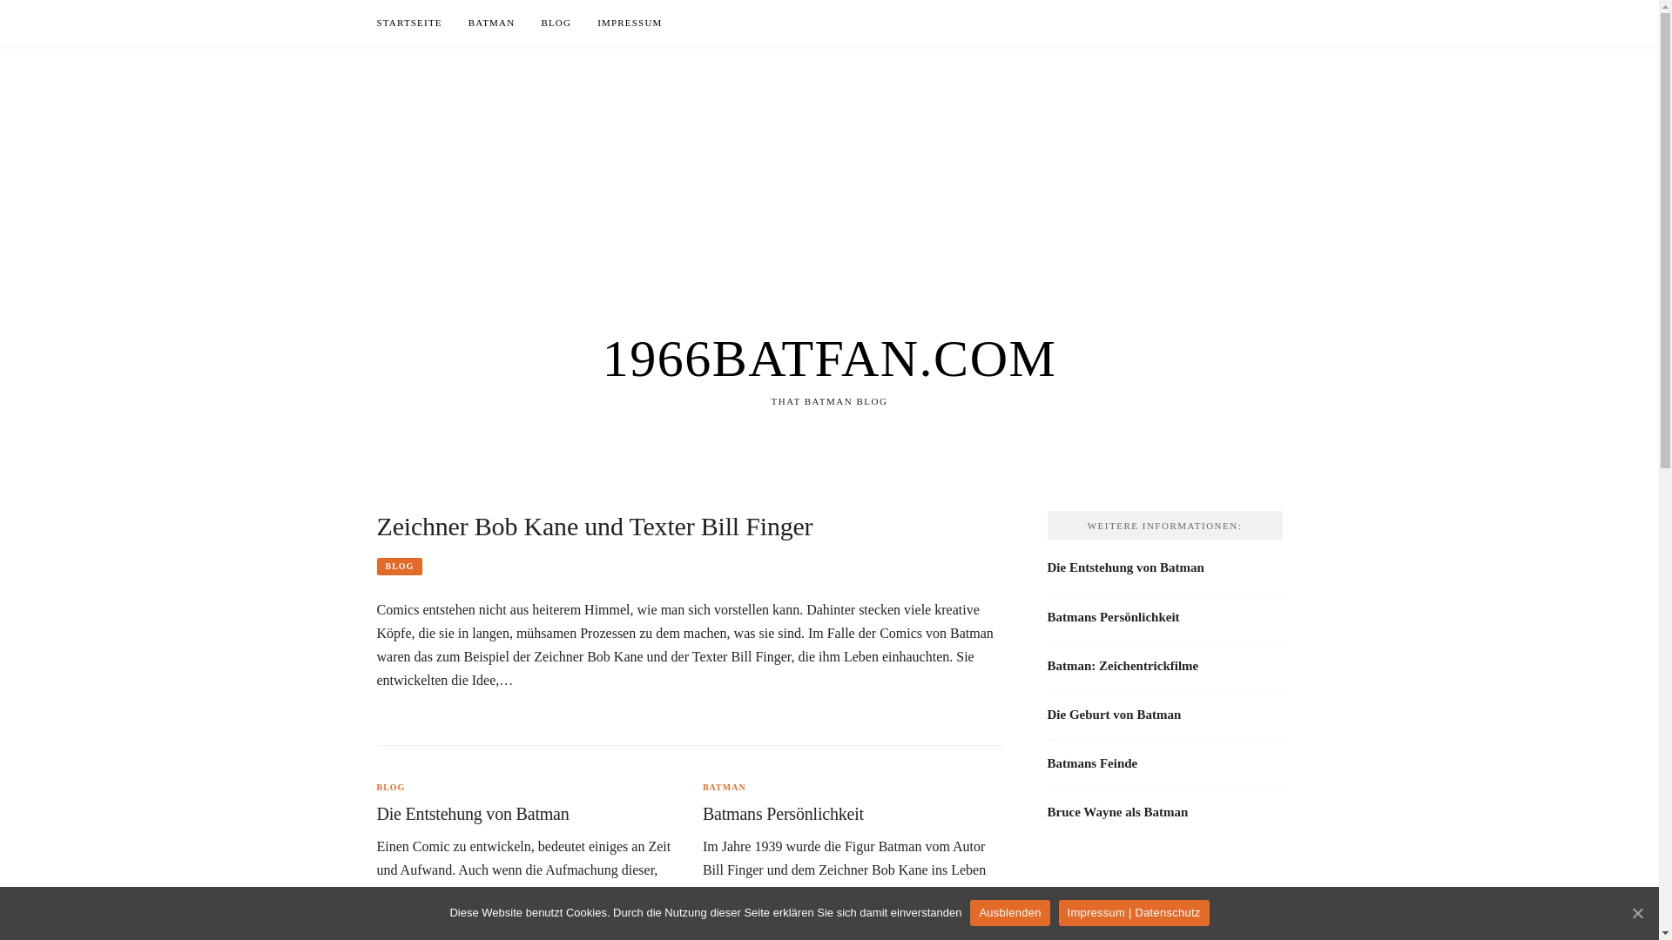 This screenshot has height=940, width=1672. Describe the element at coordinates (629, 23) in the screenshot. I see `'IMPRESSUM'` at that location.